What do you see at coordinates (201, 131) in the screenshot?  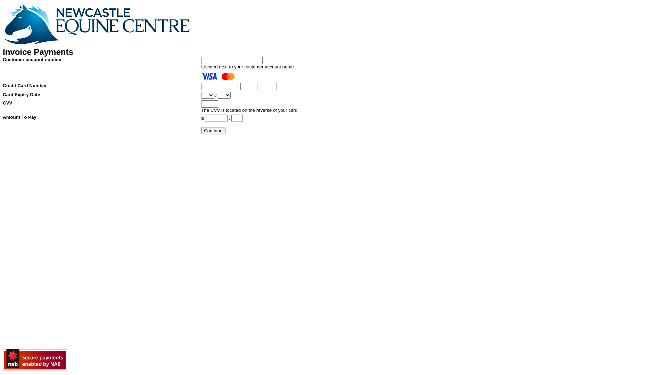 I see `'Continue'` at bounding box center [201, 131].